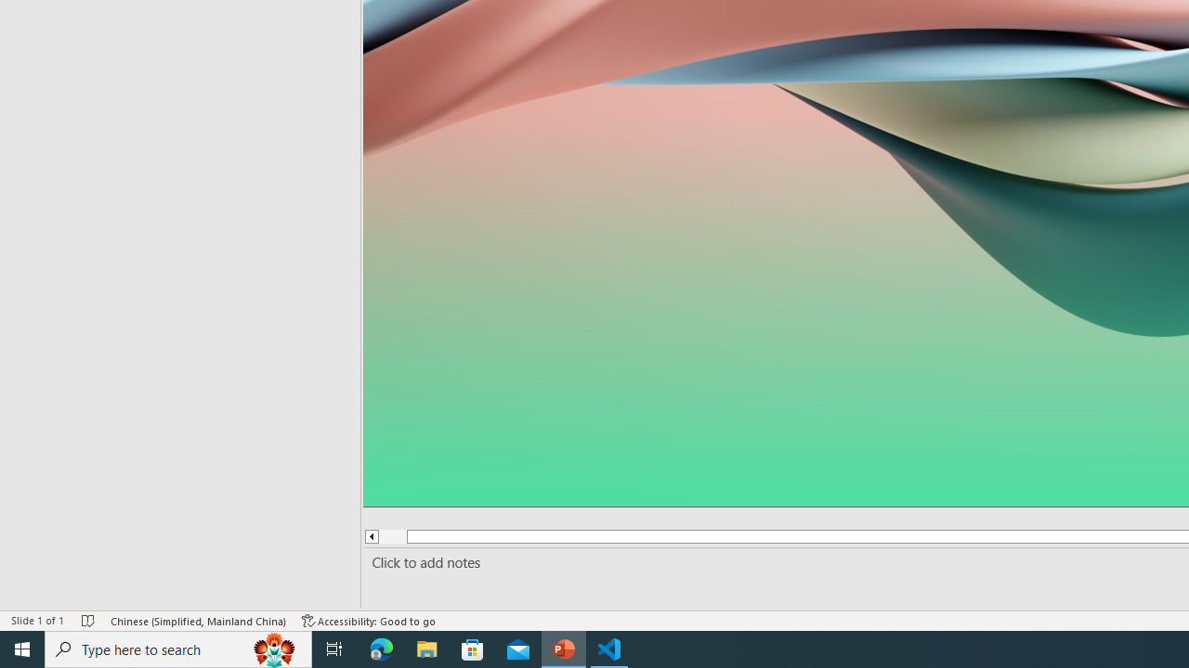 The image size is (1189, 668). What do you see at coordinates (369, 621) in the screenshot?
I see `'Accessibility Checker Accessibility: Good to go'` at bounding box center [369, 621].